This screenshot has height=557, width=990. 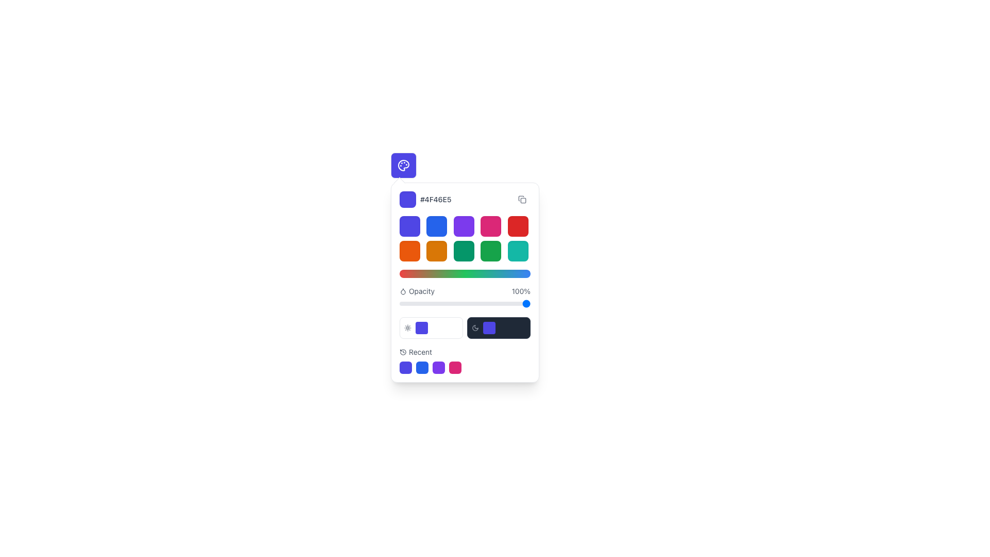 I want to click on the first button in the second row of the color selection grid, so click(x=409, y=251).